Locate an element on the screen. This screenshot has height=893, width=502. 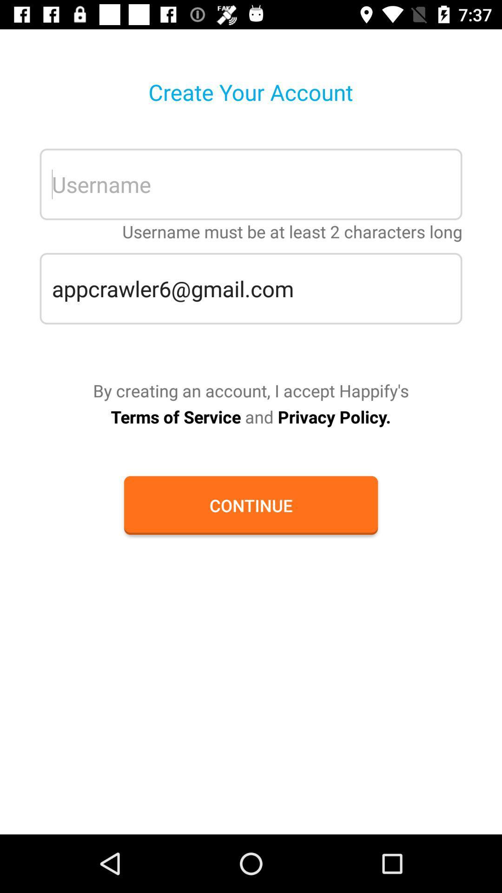
the terms of service item is located at coordinates (250, 416).